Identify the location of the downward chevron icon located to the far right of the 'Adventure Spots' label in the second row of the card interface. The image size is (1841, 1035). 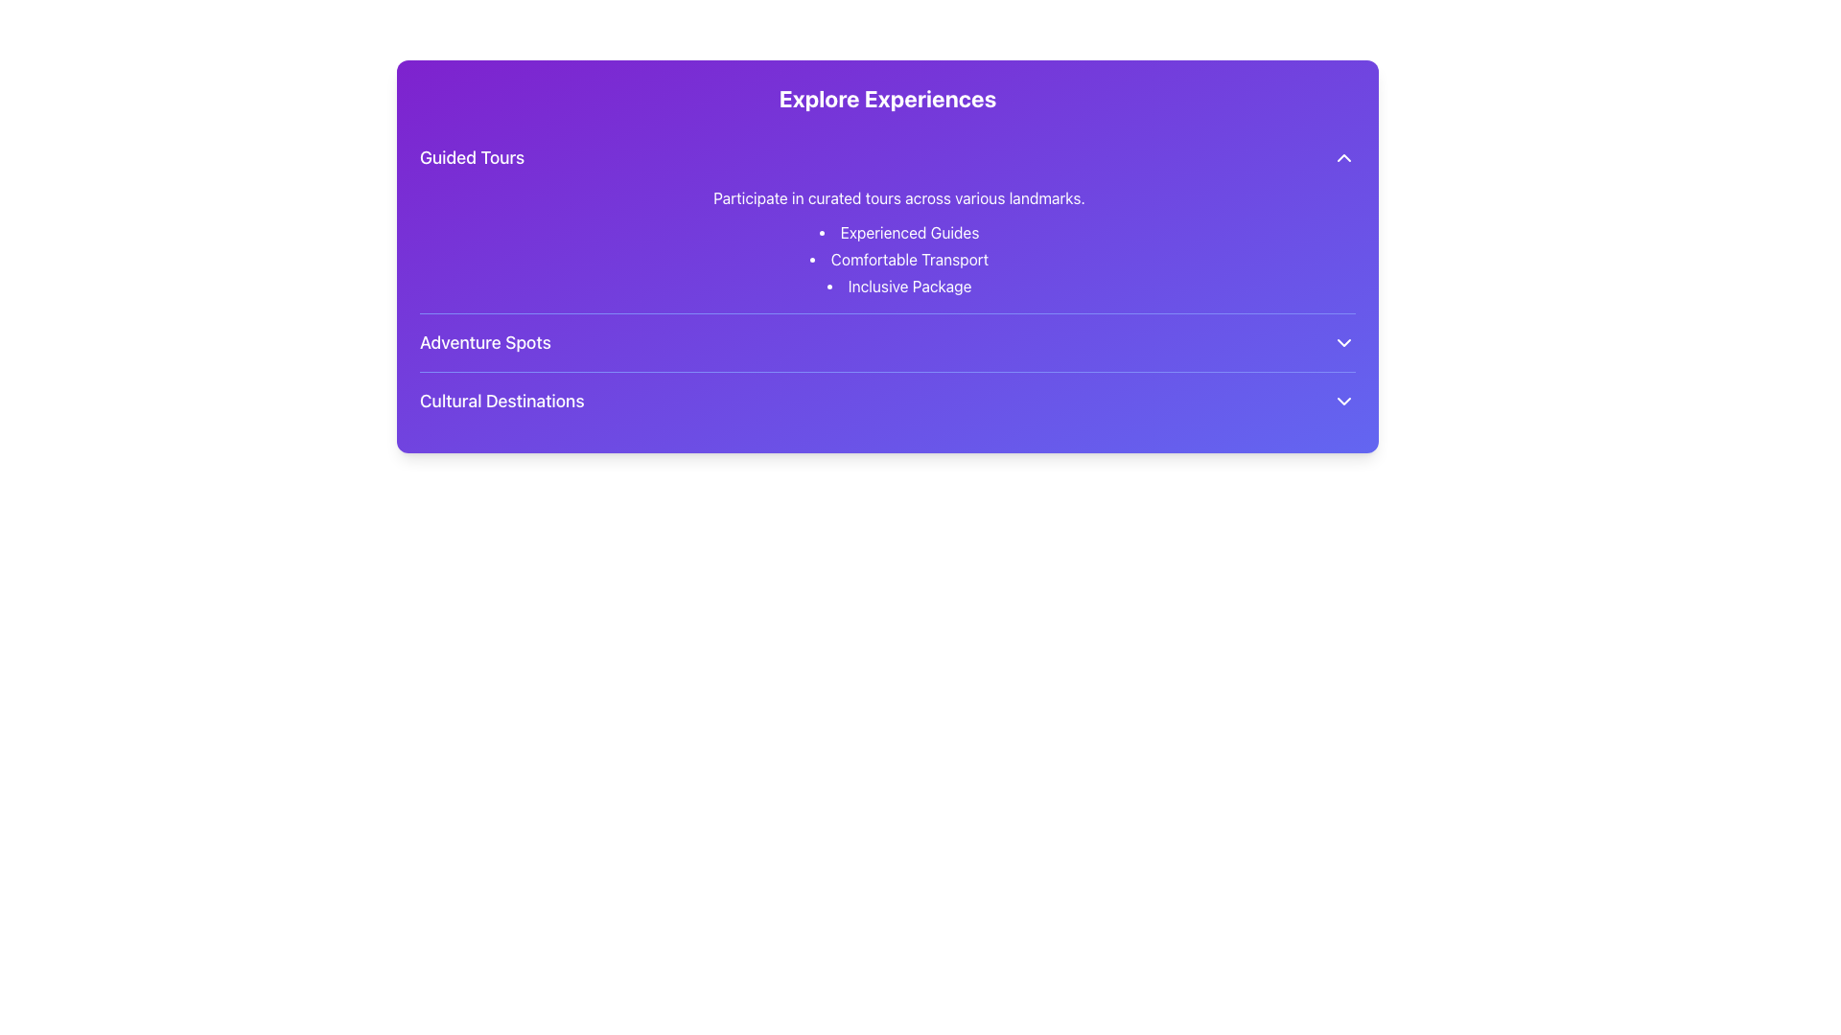
(1342, 342).